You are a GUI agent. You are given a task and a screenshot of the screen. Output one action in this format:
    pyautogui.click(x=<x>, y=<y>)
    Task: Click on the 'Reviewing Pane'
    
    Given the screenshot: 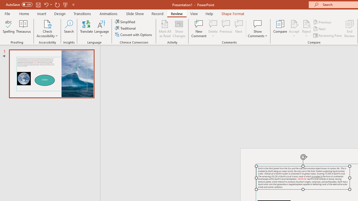 What is the action you would take?
    pyautogui.click(x=328, y=35)
    